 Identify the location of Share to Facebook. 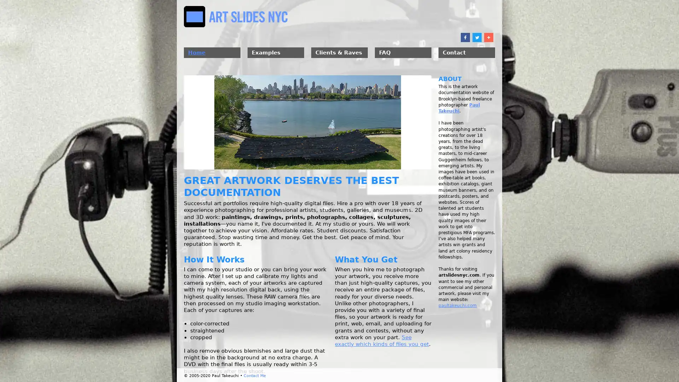
(458, 37).